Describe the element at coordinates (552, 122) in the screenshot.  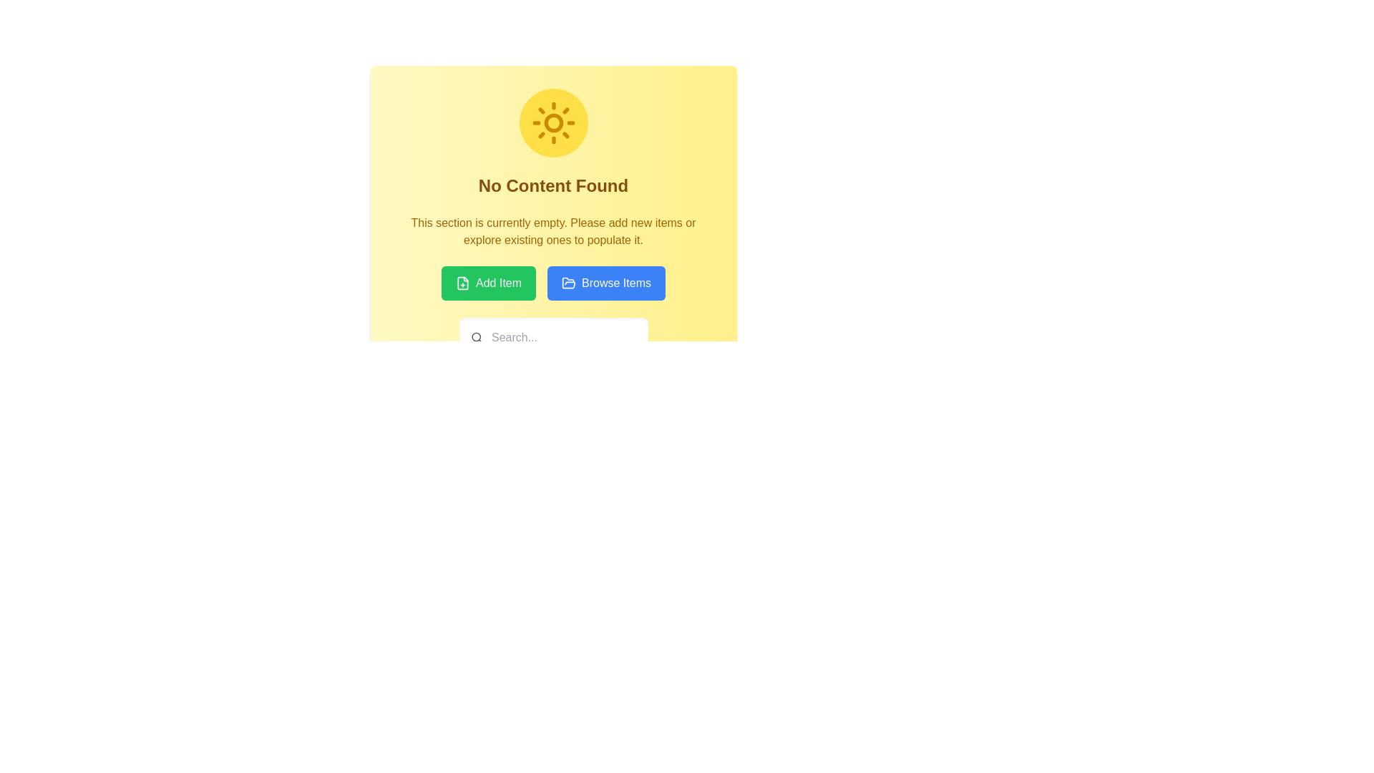
I see `the sun icon representing brightness, located near the top center of the interface in a yellow circular area, accompanying the 'No Content Found' message` at that location.